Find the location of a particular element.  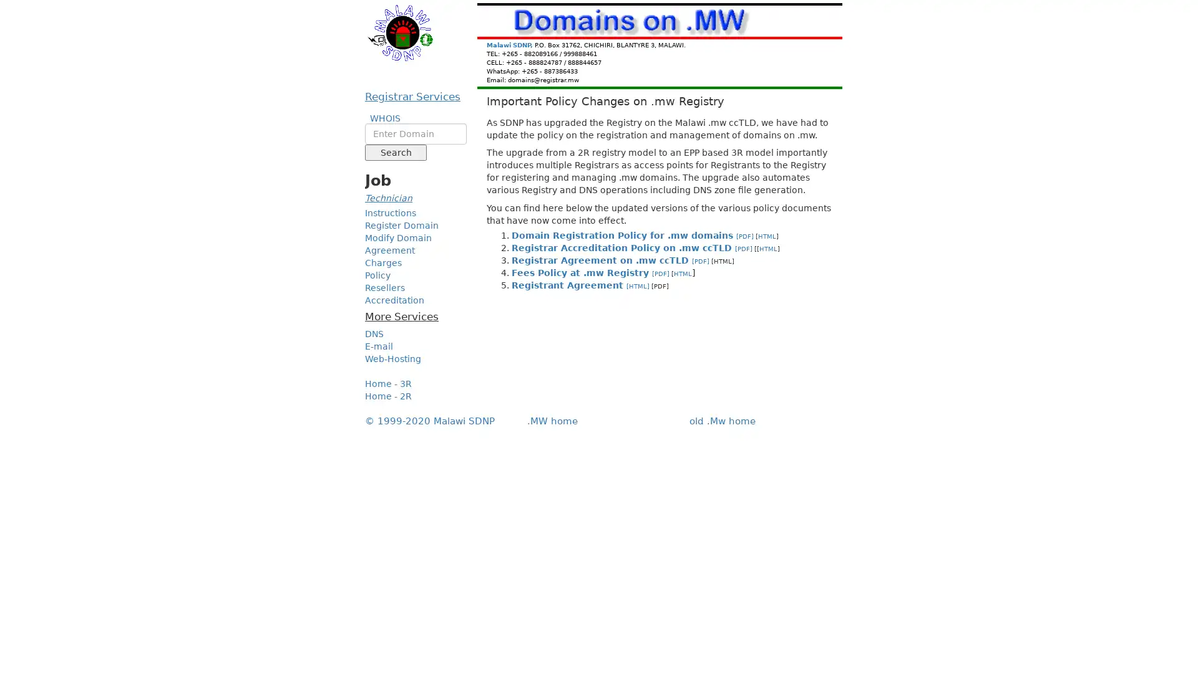

Search is located at coordinates (395, 152).